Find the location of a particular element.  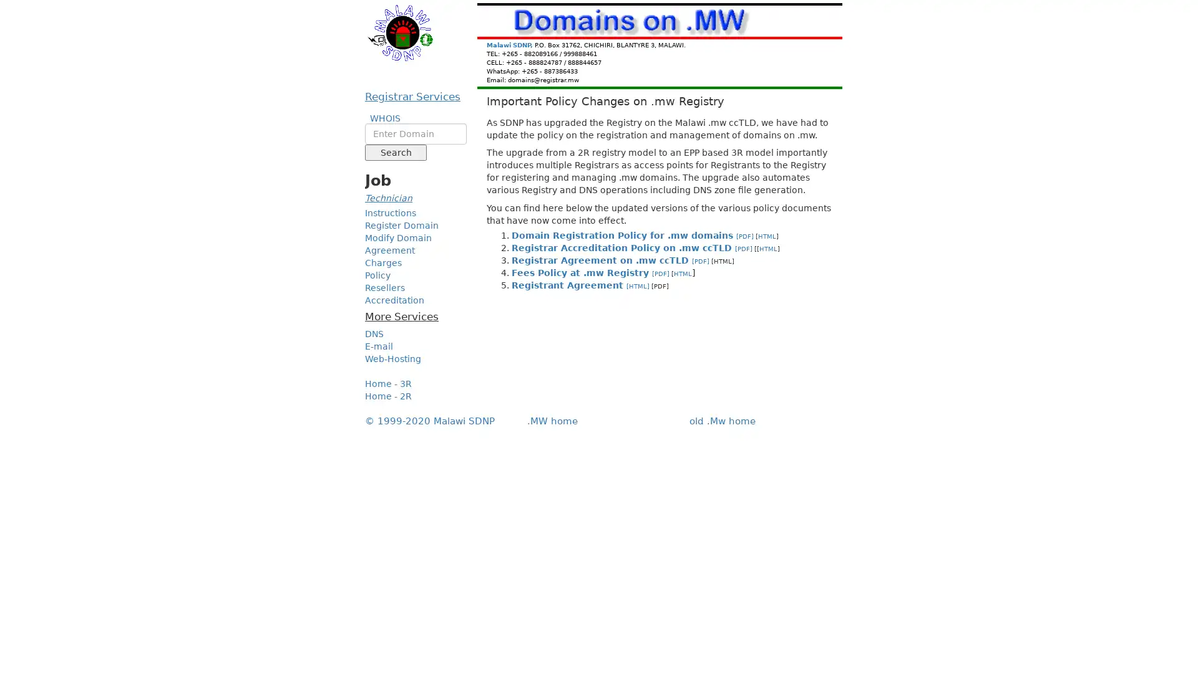

Search is located at coordinates (395, 152).